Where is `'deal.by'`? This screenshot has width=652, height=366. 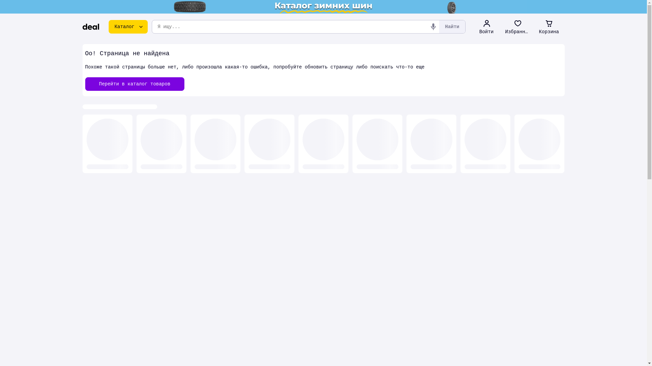
'deal.by' is located at coordinates (90, 26).